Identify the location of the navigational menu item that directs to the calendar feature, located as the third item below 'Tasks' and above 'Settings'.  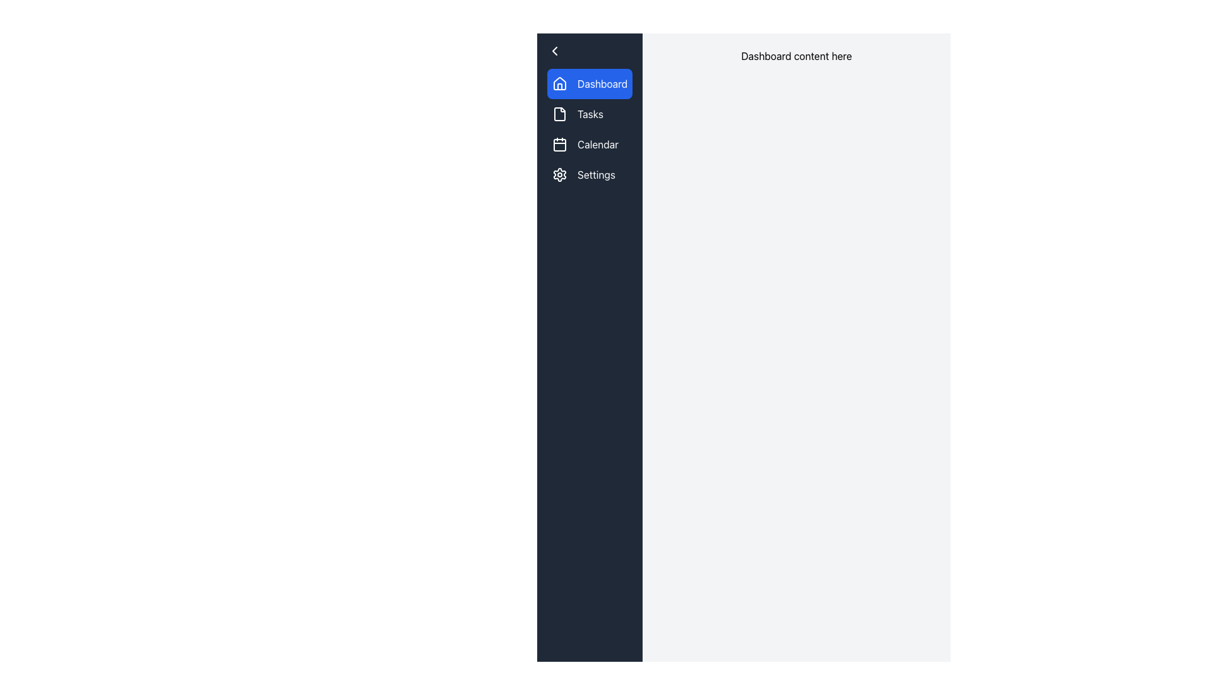
(589, 143).